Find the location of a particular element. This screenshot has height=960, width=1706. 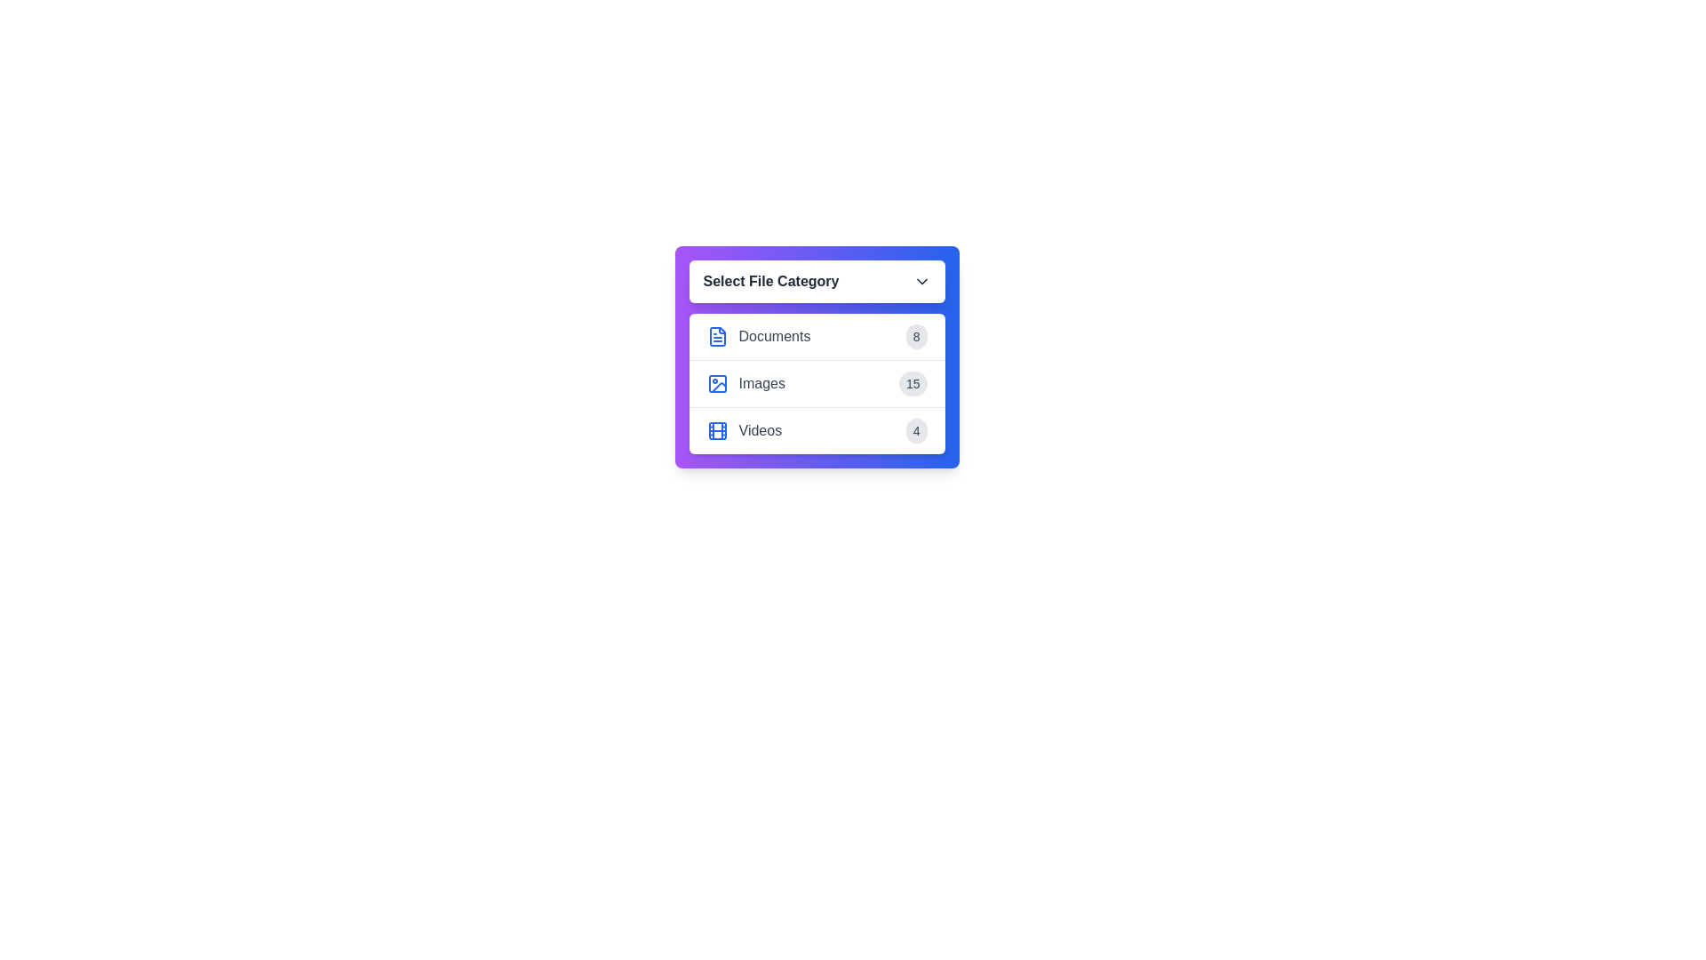

the non-interactive badge indicating the count of four 'Videos' in the third row of the dropdown menu is located at coordinates (916, 431).